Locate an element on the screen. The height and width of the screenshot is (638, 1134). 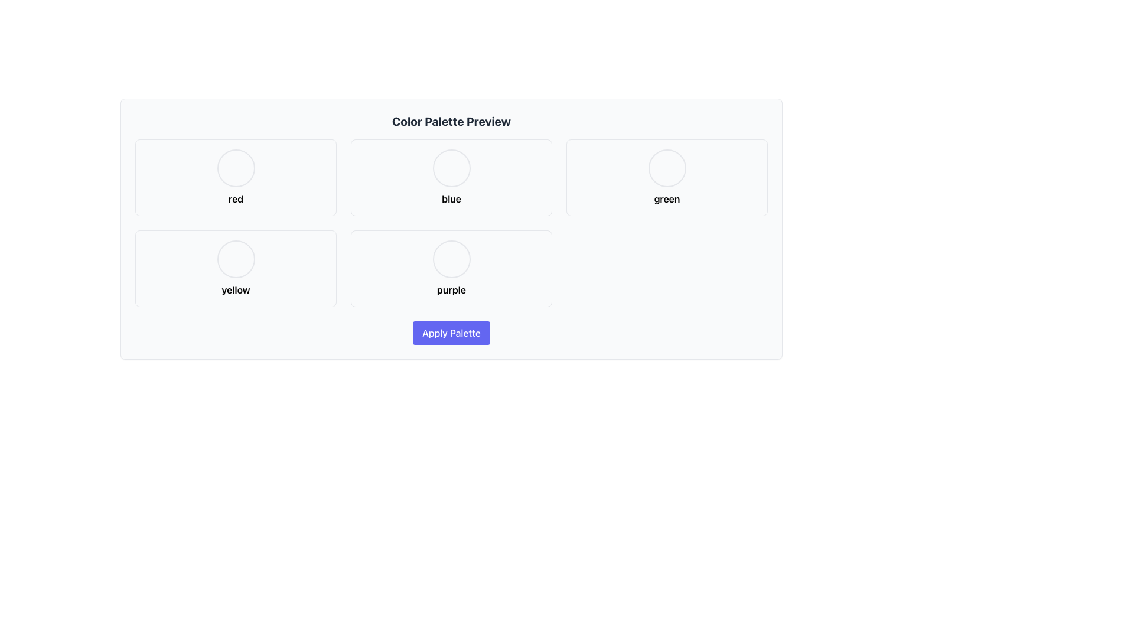
descriptive label indicating the color blue, located at the center column of the top row in the grid layout is located at coordinates (451, 198).